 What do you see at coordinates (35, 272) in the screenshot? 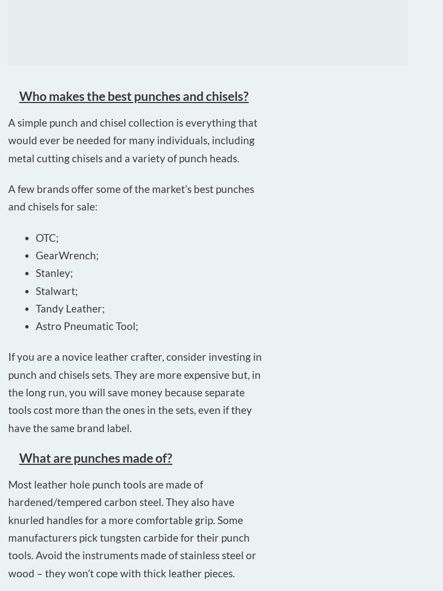
I see `'Stanley;'` at bounding box center [35, 272].